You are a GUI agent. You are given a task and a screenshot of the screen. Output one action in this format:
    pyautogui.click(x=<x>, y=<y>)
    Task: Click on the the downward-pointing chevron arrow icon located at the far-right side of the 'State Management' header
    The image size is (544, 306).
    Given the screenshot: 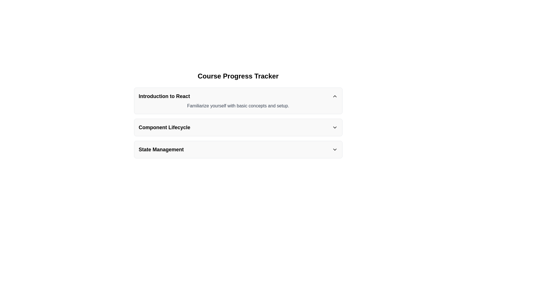 What is the action you would take?
    pyautogui.click(x=335, y=149)
    